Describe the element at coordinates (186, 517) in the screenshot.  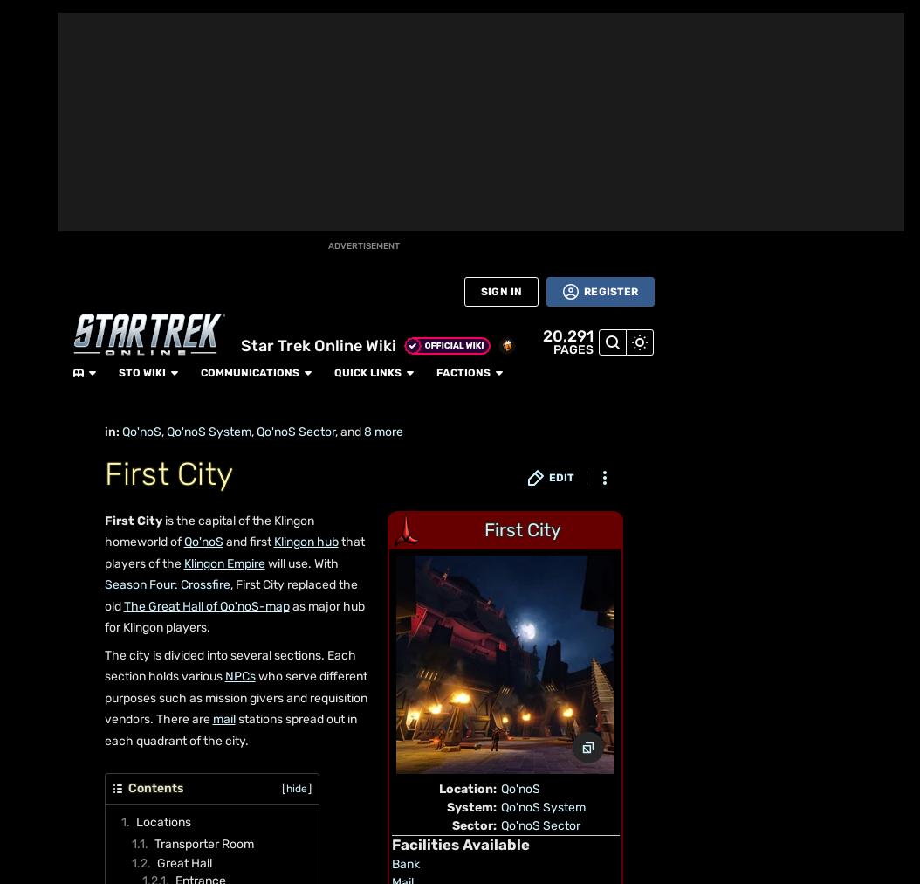
I see `'Following the death of'` at that location.